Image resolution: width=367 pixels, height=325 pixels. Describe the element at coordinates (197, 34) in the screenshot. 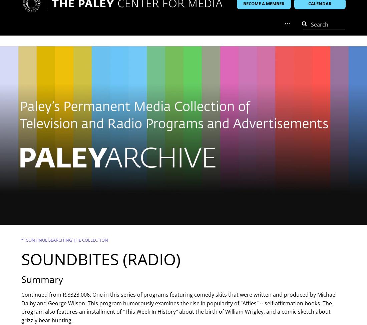

I see `'Education'` at that location.